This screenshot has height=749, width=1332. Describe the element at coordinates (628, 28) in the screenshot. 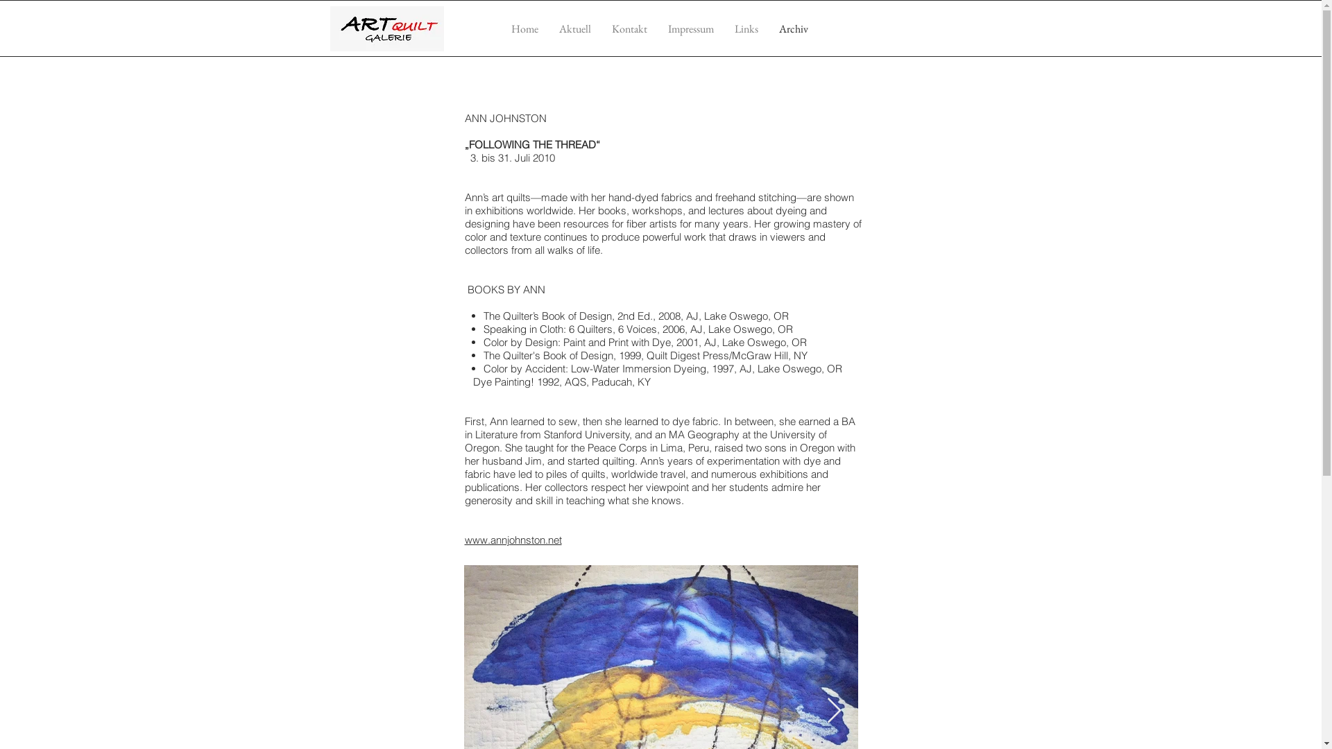

I see `'Kontakt'` at that location.